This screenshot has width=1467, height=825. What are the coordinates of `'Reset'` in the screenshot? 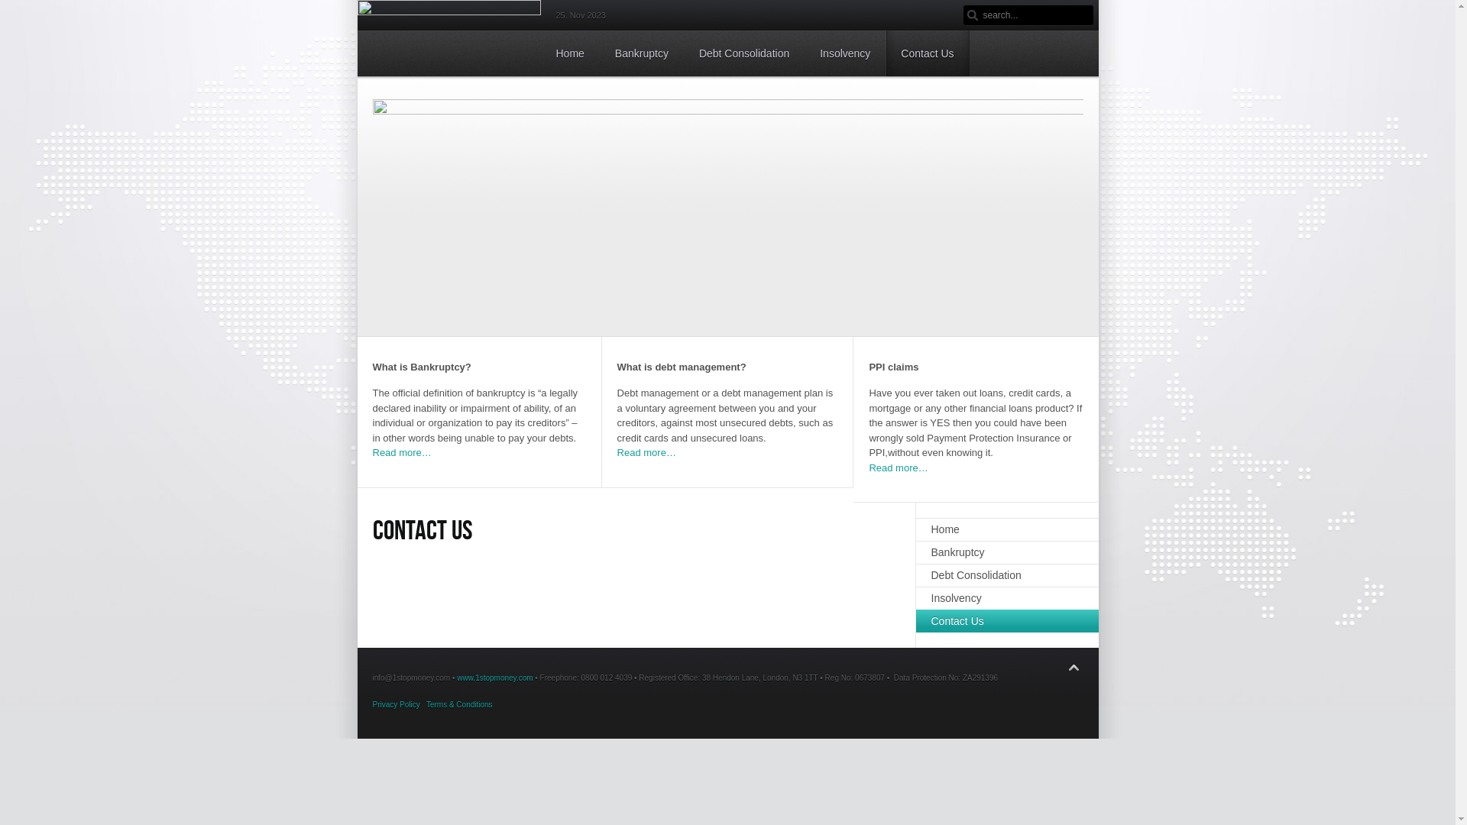 It's located at (8, 9).